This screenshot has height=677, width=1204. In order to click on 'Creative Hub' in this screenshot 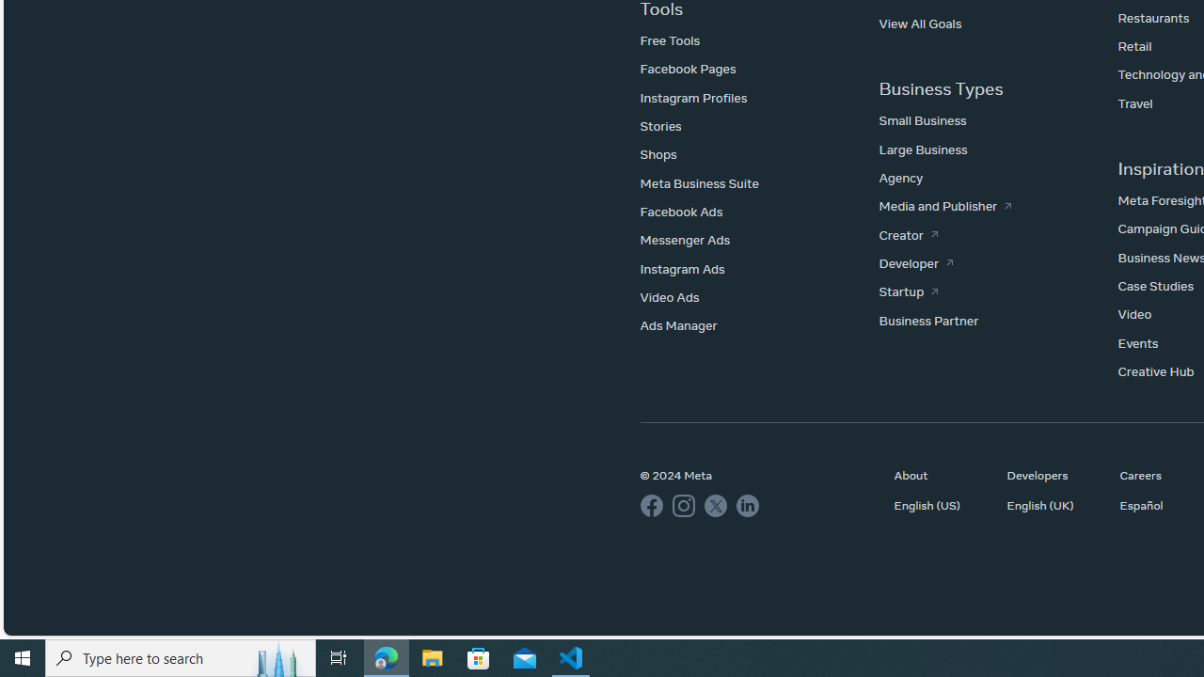, I will do `click(1154, 371)`.